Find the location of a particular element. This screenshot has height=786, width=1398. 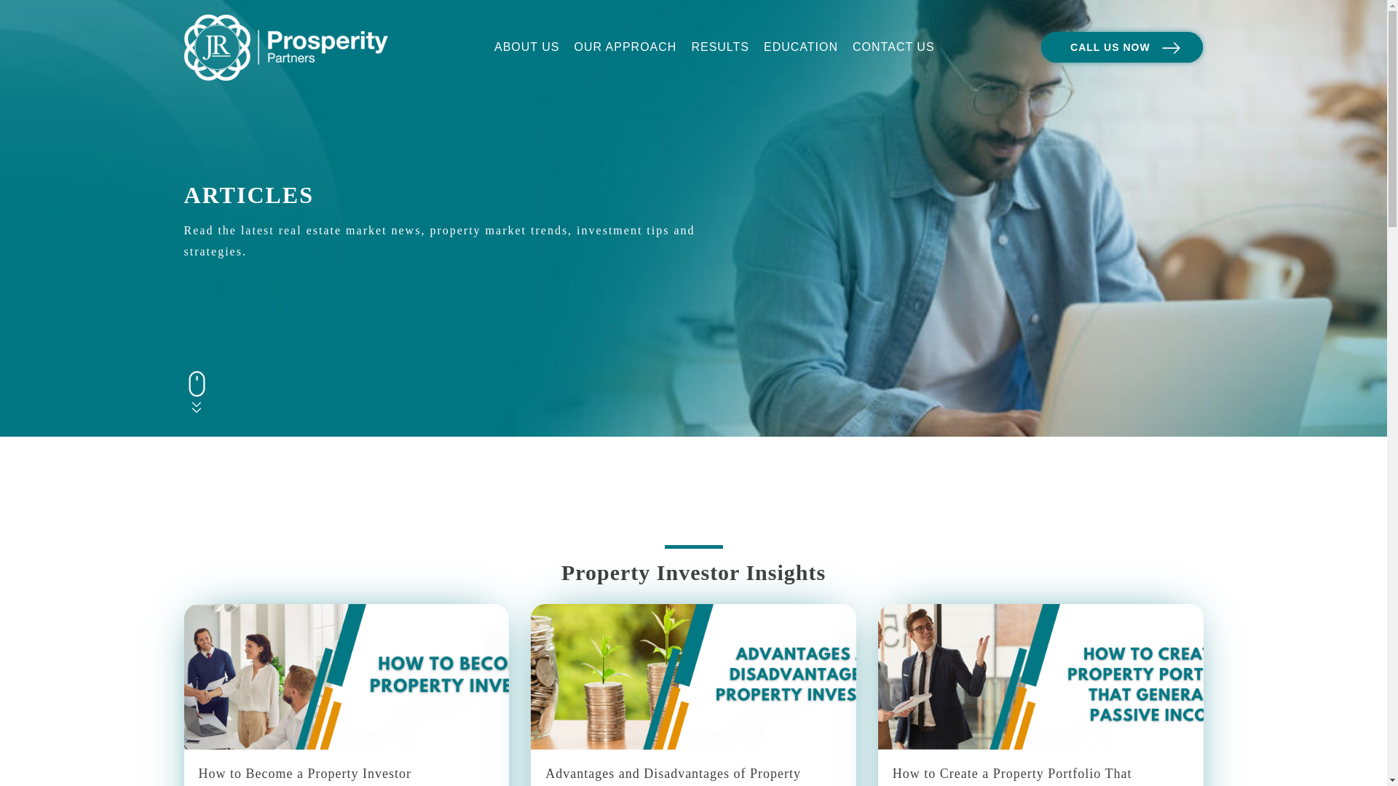

'RESULTS' is located at coordinates (719, 47).